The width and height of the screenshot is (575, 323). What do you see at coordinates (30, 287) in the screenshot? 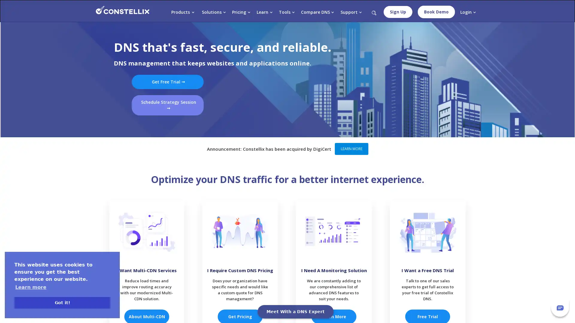
I see `learn more about cookies` at bounding box center [30, 287].